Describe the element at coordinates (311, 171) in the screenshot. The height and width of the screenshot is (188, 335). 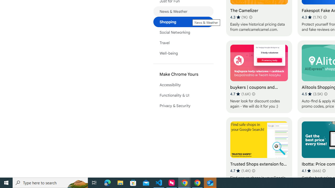
I see `'Average rating 4.1 out of 5 stars. 666 ratings.'` at that location.